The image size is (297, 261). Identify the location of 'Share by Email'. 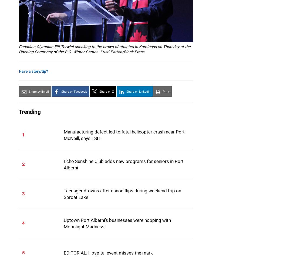
(38, 91).